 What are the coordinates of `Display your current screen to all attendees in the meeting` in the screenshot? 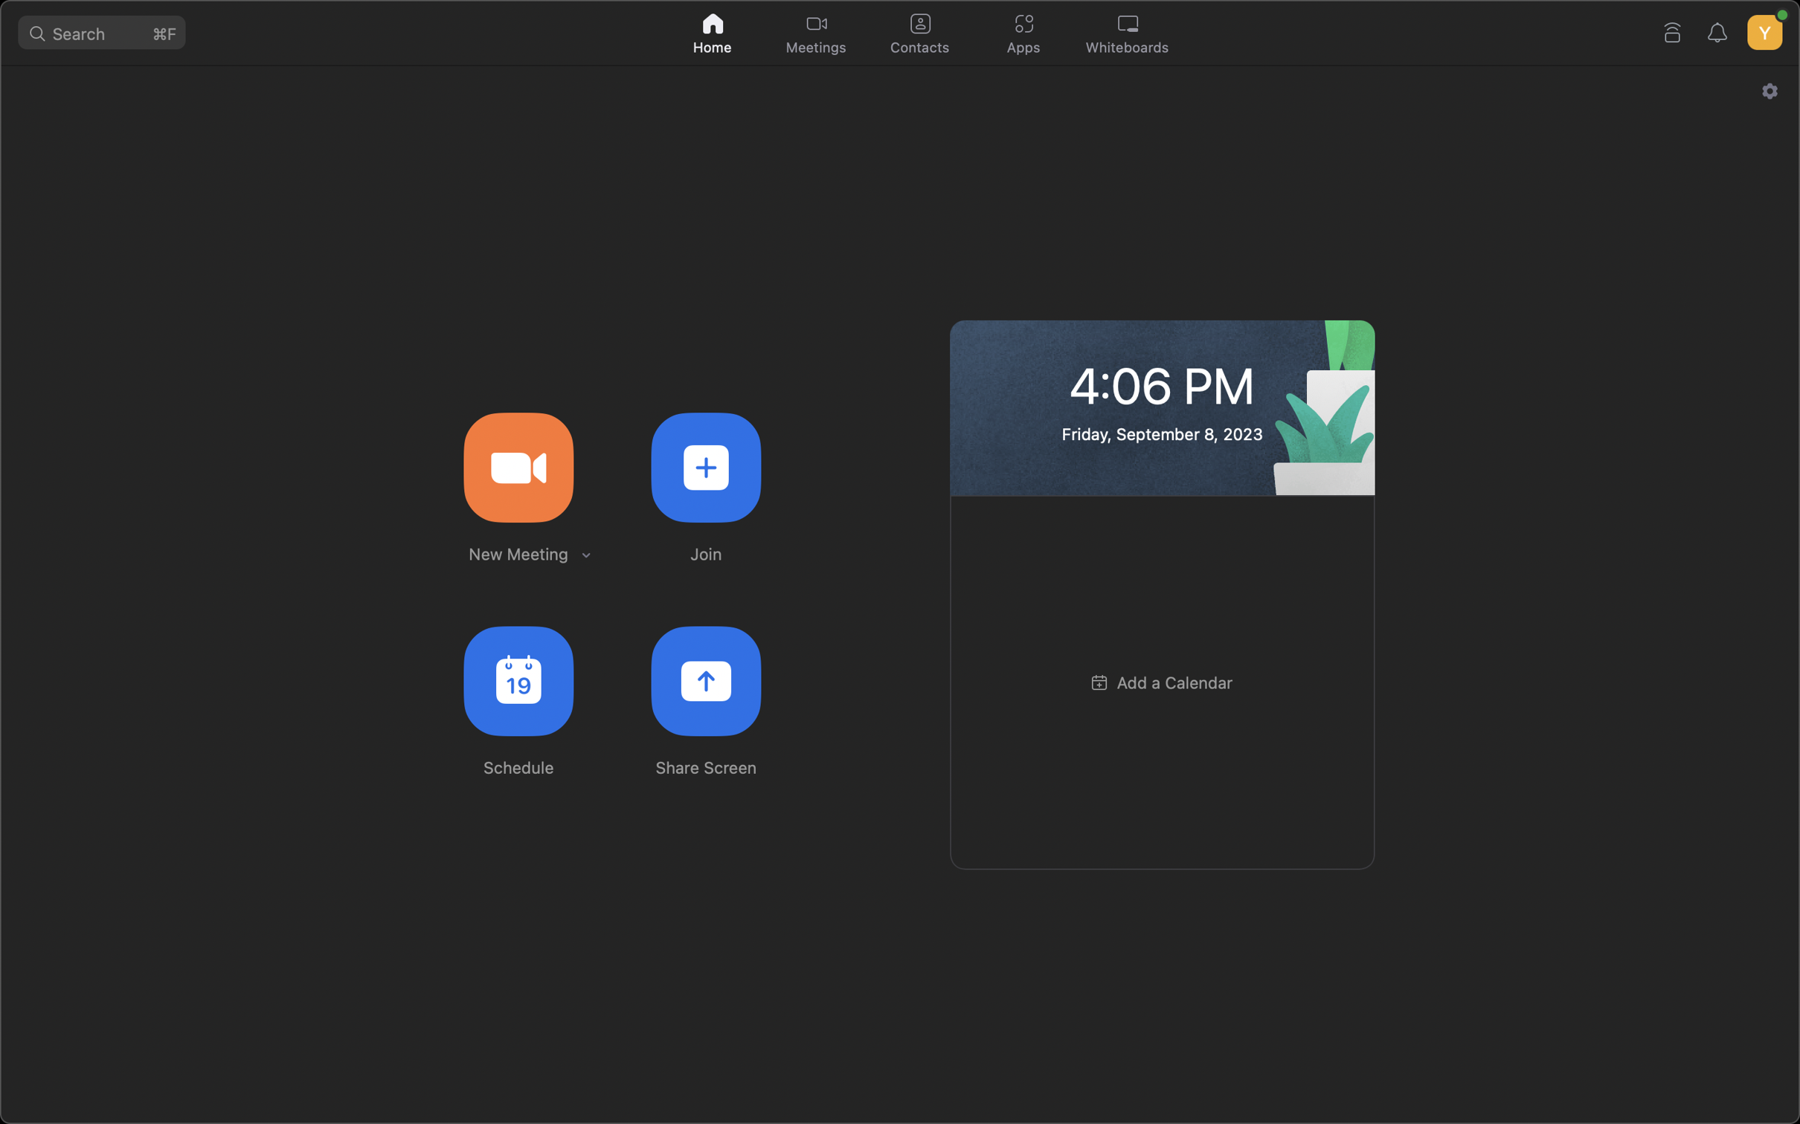 It's located at (707, 681).